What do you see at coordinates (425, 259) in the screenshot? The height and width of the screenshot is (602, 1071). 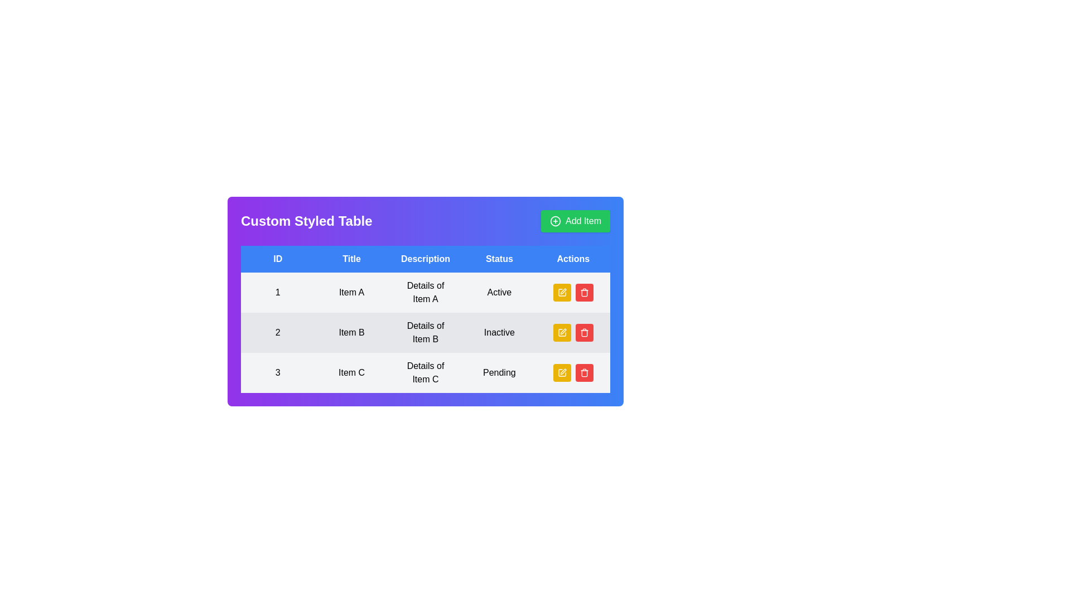 I see `the 'Description' header cell in the table, which is the third cell from the left, centrally aligned in its column` at bounding box center [425, 259].